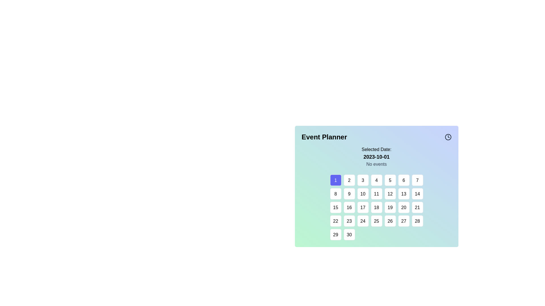 Image resolution: width=545 pixels, height=306 pixels. I want to click on the date selection button for the 19th of the month in the calendar interface, located at the fifth item in the third row of a seven-column grid, so click(390, 207).